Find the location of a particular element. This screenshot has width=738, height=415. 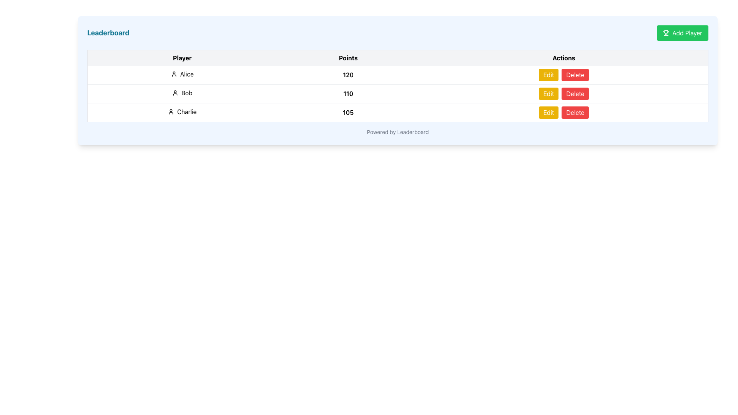

the 'Delete' button with a red background and white text in the actions column of the leaderboard for the 'Charlie' entry is located at coordinates (575, 113).